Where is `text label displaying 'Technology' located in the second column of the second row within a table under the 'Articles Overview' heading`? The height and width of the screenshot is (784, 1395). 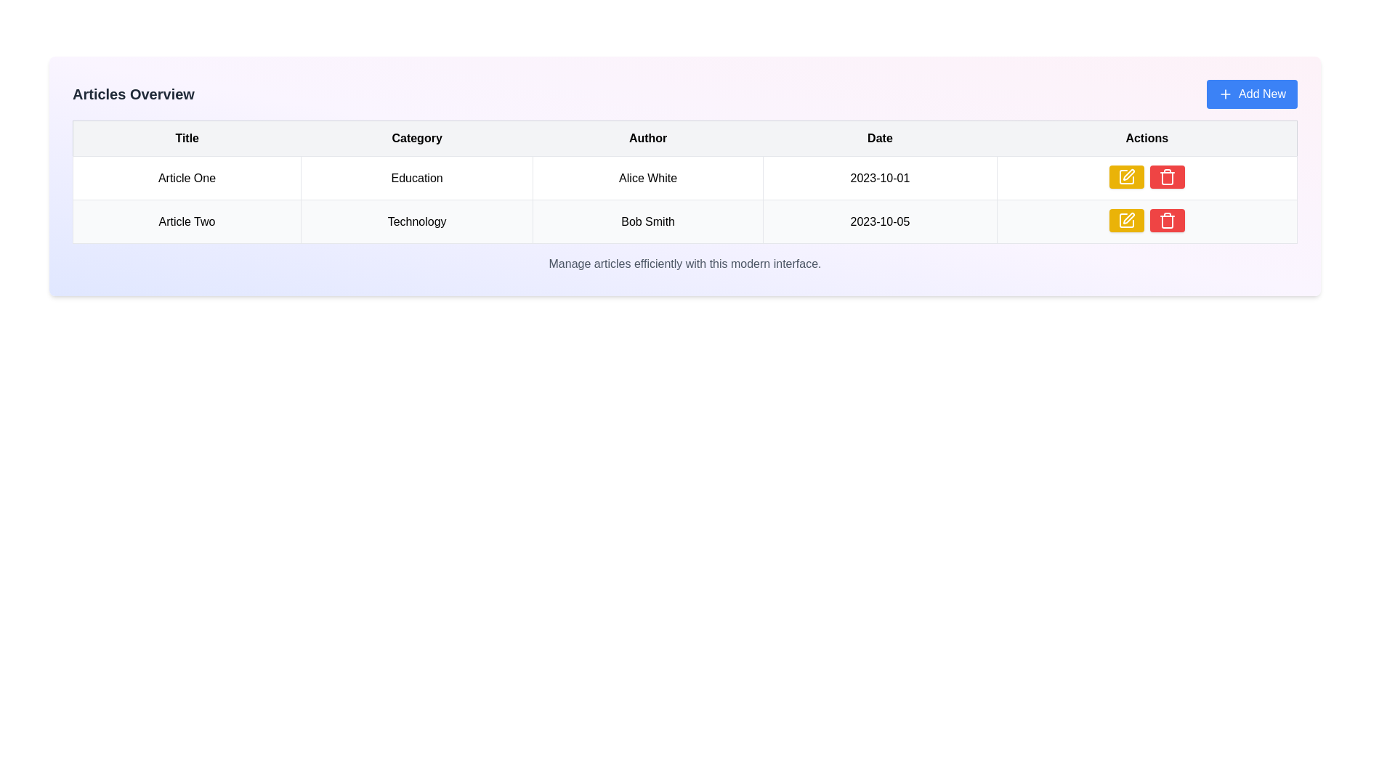
text label displaying 'Technology' located in the second column of the second row within a table under the 'Articles Overview' heading is located at coordinates (416, 221).